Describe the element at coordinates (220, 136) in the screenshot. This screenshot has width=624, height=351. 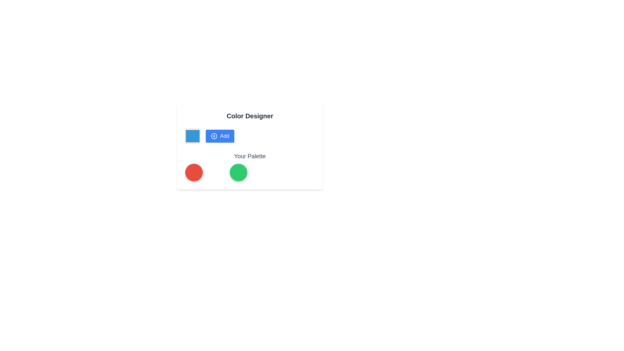
I see `the button that adds a new item or color to the palette, located centrally at the top of the layout below the 'Color Designer' title` at that location.